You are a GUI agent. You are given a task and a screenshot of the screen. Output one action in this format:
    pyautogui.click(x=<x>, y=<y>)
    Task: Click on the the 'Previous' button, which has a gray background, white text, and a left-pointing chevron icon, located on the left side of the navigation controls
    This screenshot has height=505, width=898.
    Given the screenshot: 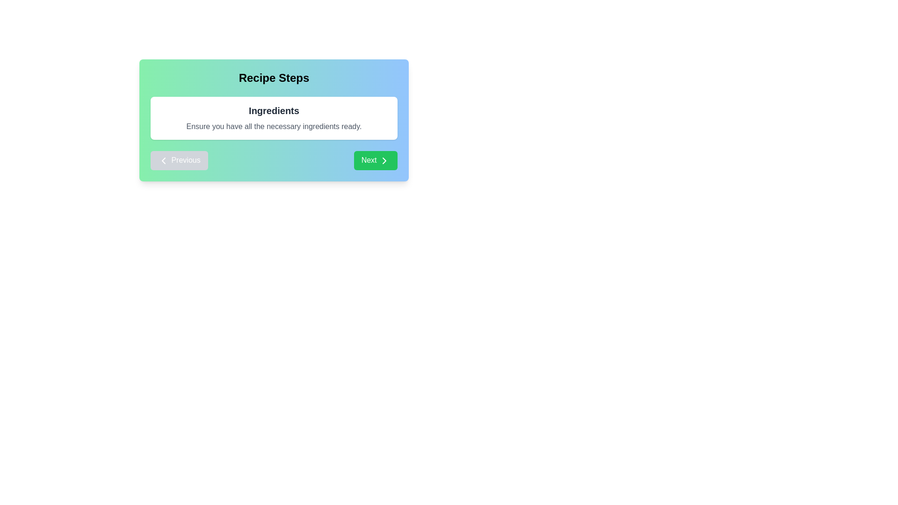 What is the action you would take?
    pyautogui.click(x=179, y=160)
    